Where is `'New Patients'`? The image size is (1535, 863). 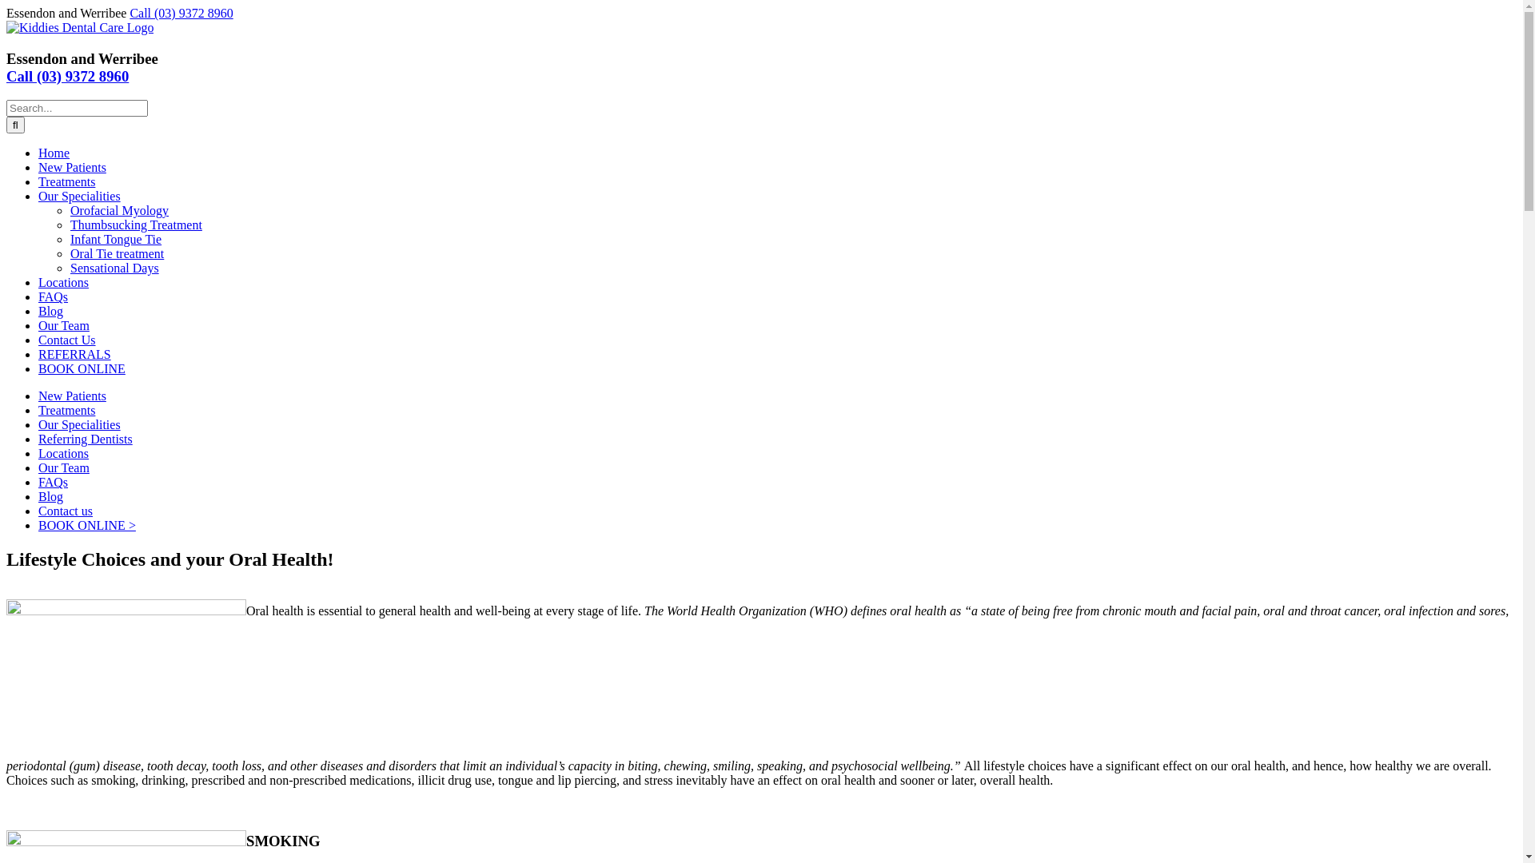
'New Patients' is located at coordinates (71, 396).